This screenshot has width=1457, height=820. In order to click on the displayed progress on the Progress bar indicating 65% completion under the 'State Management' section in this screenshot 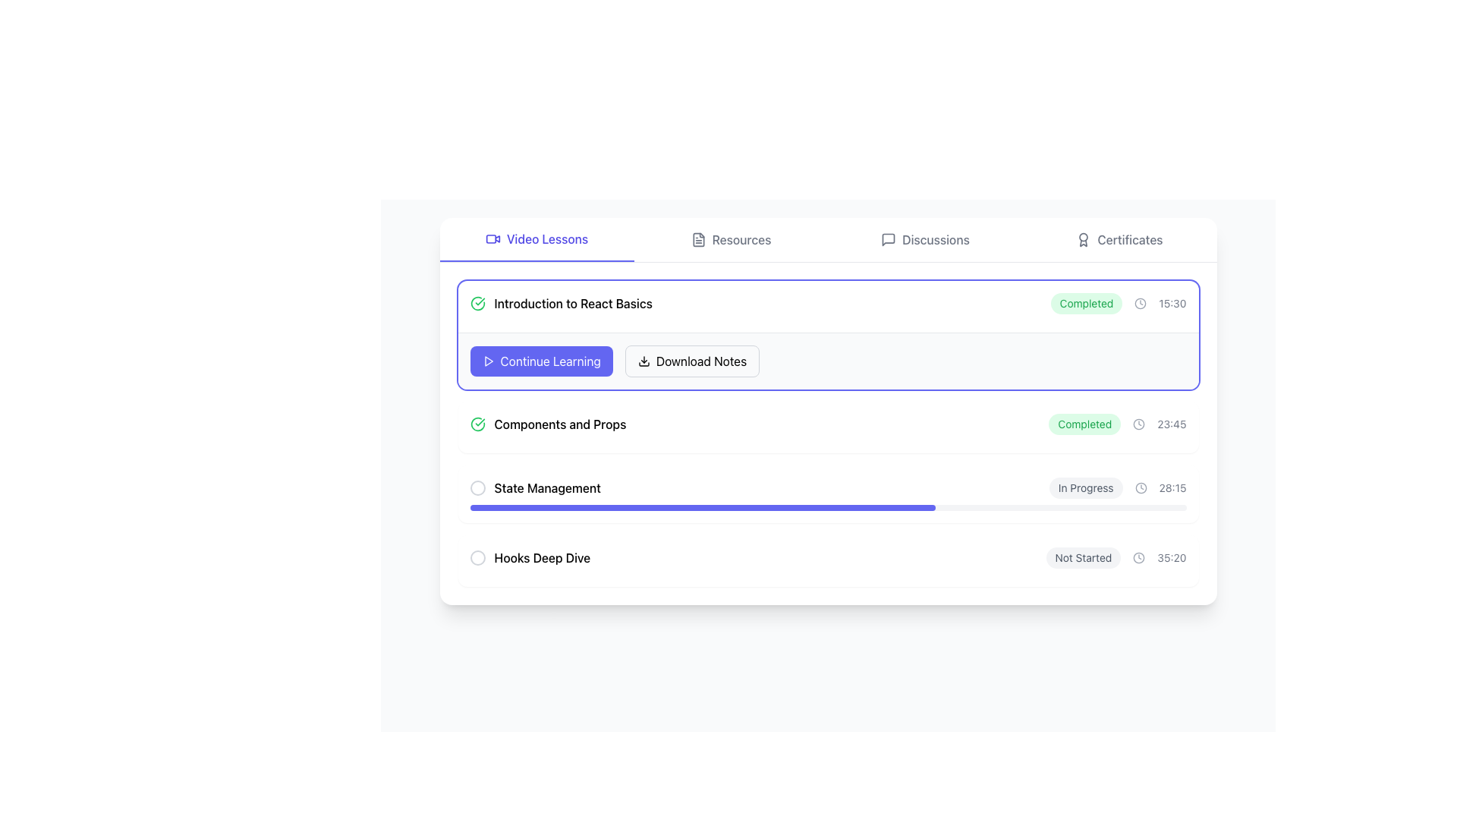, I will do `click(702, 507)`.